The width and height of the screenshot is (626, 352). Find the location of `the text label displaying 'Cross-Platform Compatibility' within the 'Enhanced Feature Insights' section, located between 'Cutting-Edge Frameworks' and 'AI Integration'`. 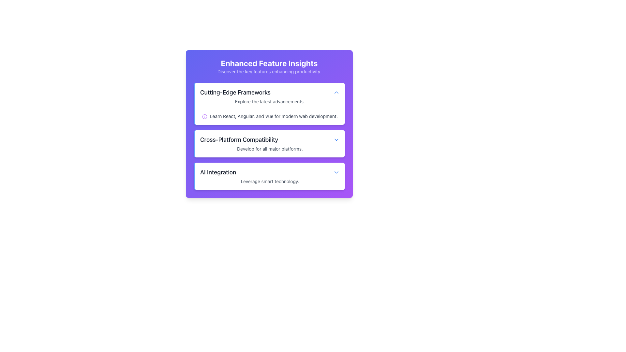

the text label displaying 'Cross-Platform Compatibility' within the 'Enhanced Feature Insights' section, located between 'Cutting-Edge Frameworks' and 'AI Integration' is located at coordinates (239, 139).